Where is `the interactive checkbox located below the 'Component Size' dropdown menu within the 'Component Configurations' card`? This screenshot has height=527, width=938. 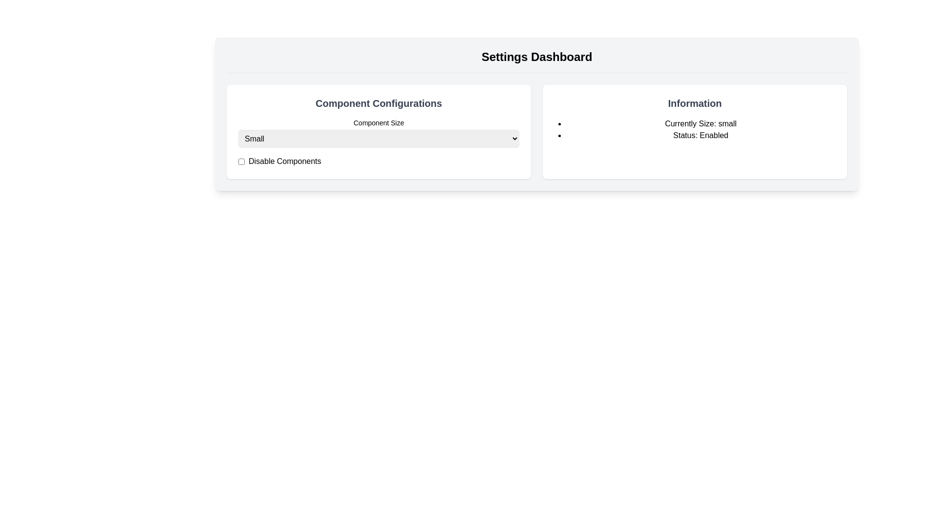 the interactive checkbox located below the 'Component Size' dropdown menu within the 'Component Configurations' card is located at coordinates (378, 161).